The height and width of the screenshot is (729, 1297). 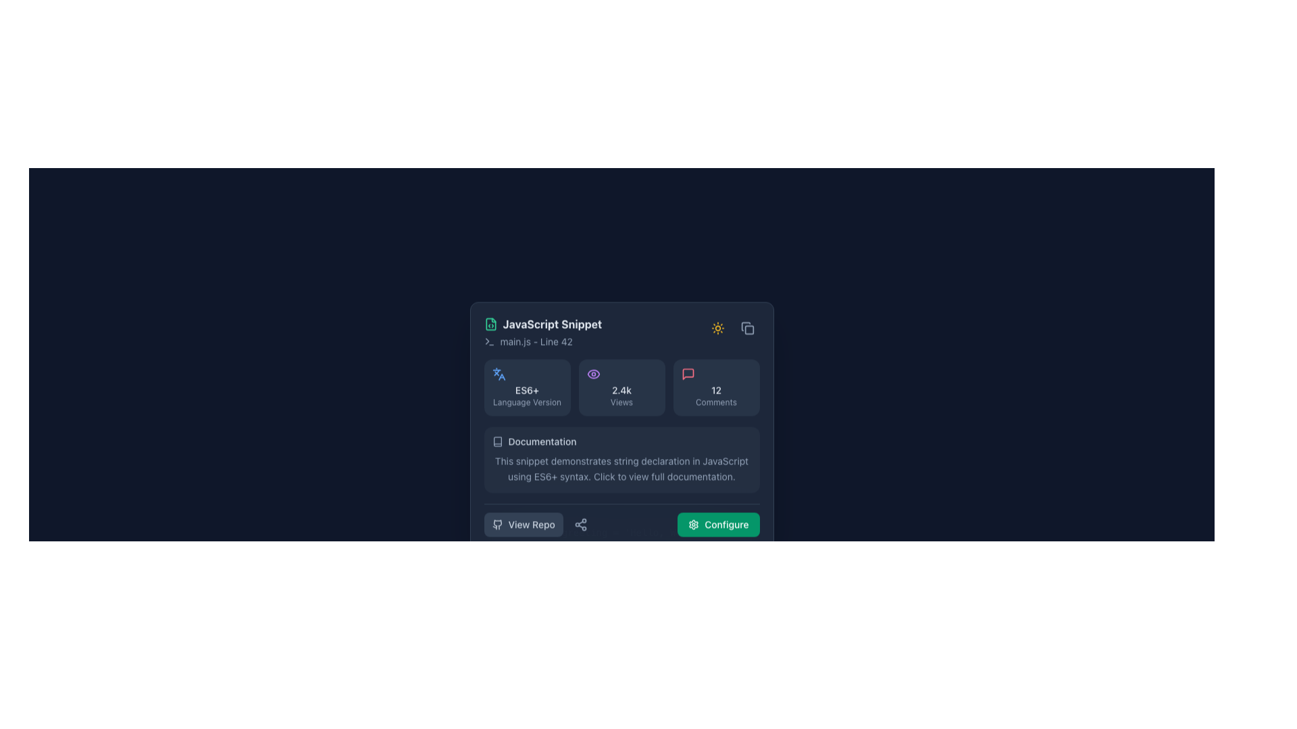 I want to click on contents of the informational section titled 'Documentation', which is located below the row with 'ES6+', '2.4k Views', and '12 Comments', and above the buttons 'View Repo' and 'Configure', so click(x=621, y=459).